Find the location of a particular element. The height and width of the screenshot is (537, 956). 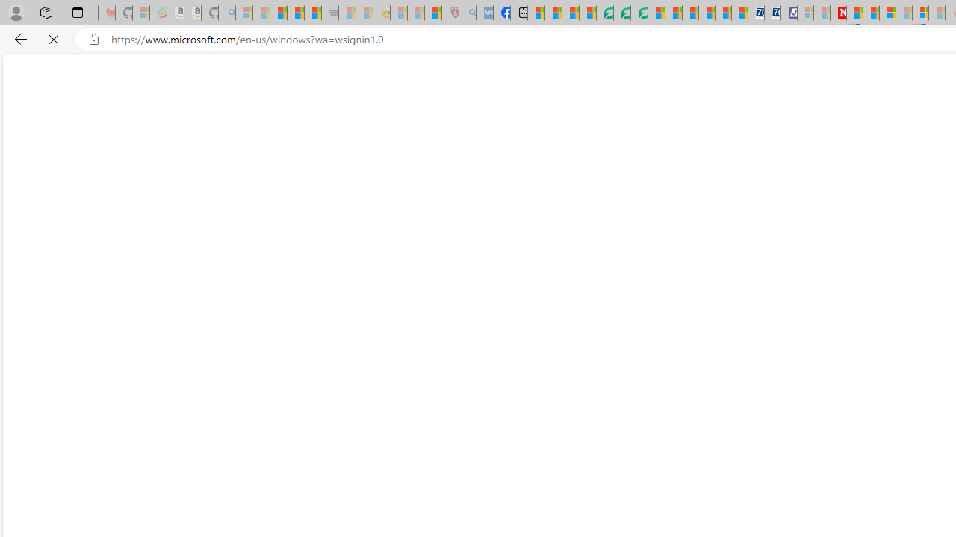

'The Weather Channel - MSN' is located at coordinates (279, 13).